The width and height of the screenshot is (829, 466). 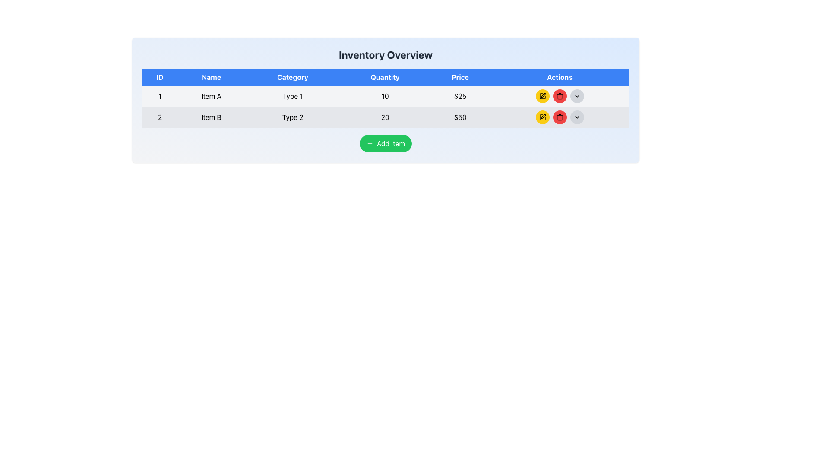 What do you see at coordinates (385, 143) in the screenshot?
I see `the 'Add Item' button located at the bottom of the inventory section` at bounding box center [385, 143].